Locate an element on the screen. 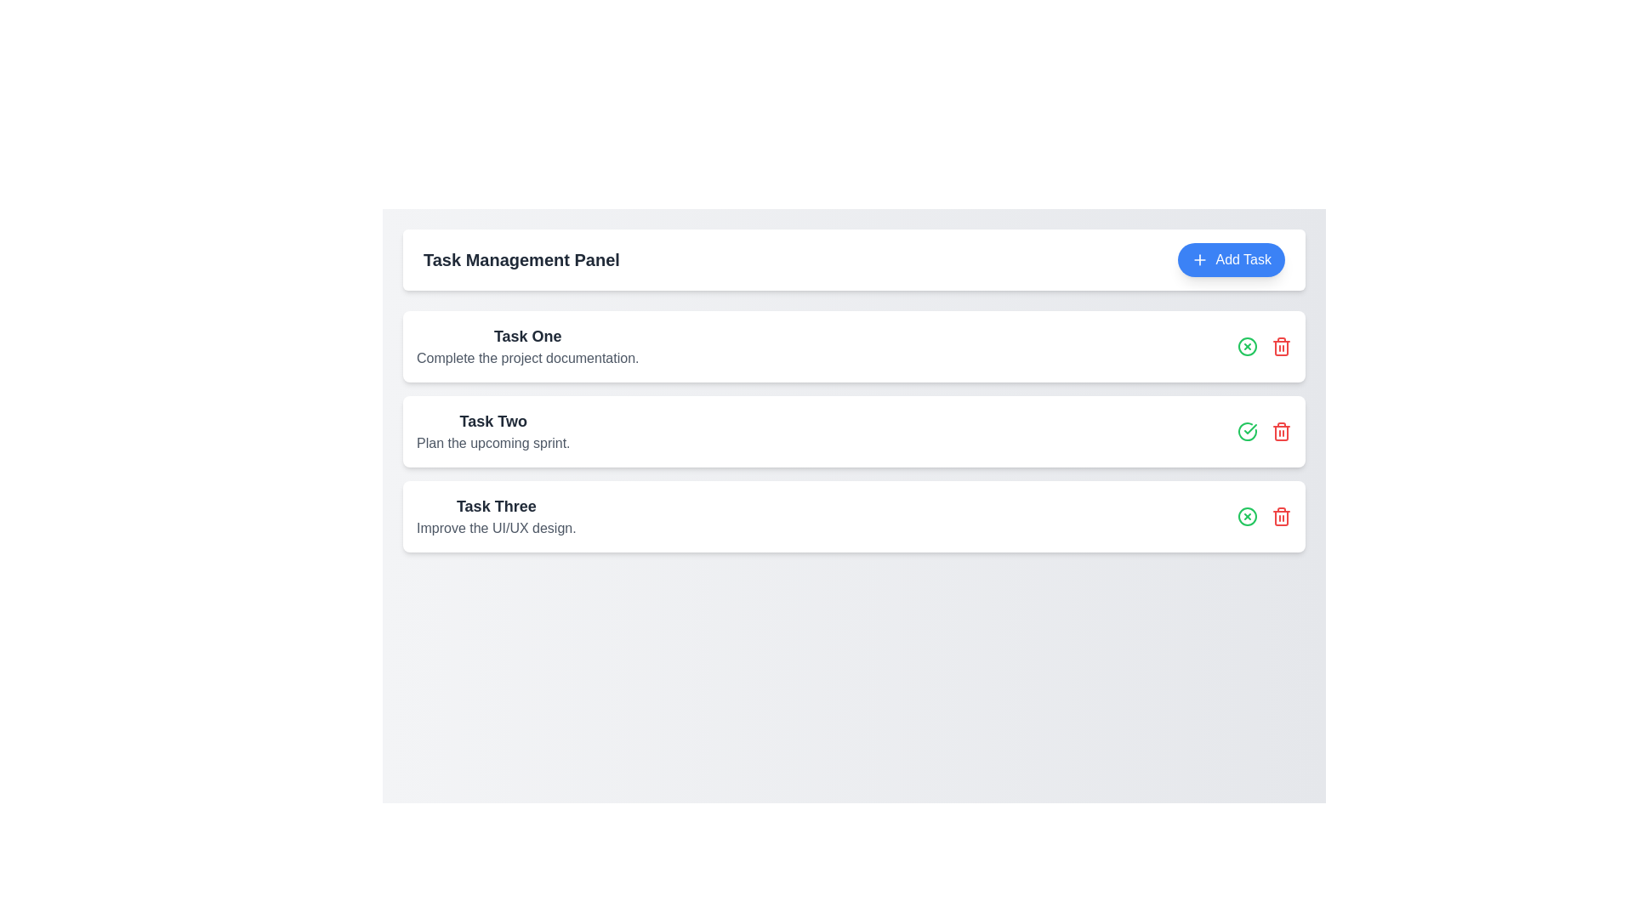  the trash icon in the Horizontal control group for 'Task One' is located at coordinates (1265, 346).